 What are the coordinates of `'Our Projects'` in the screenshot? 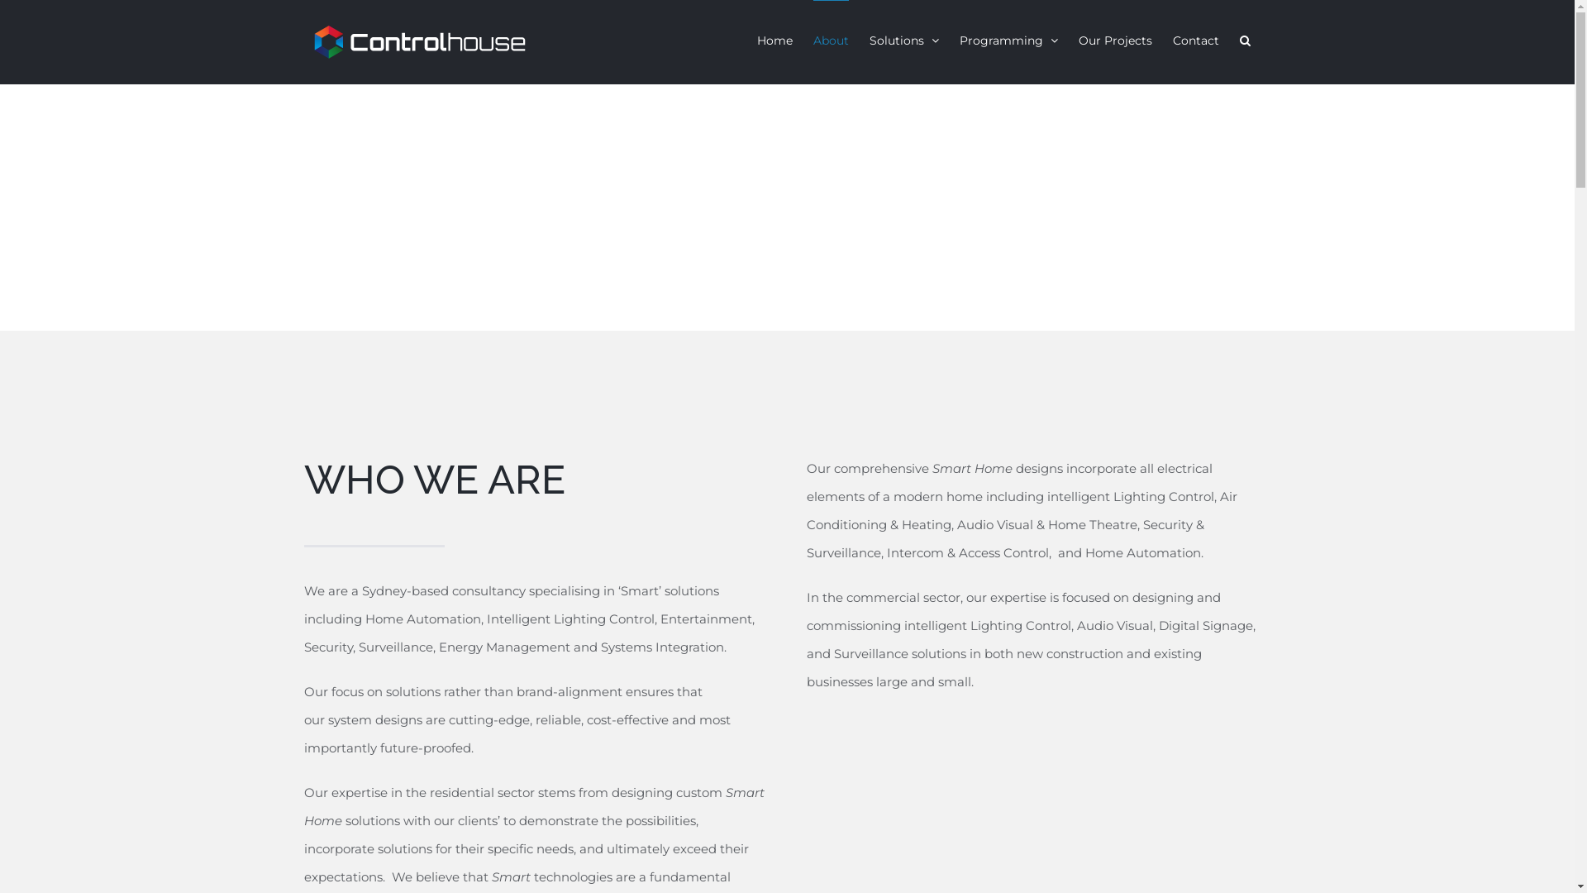 It's located at (1114, 38).